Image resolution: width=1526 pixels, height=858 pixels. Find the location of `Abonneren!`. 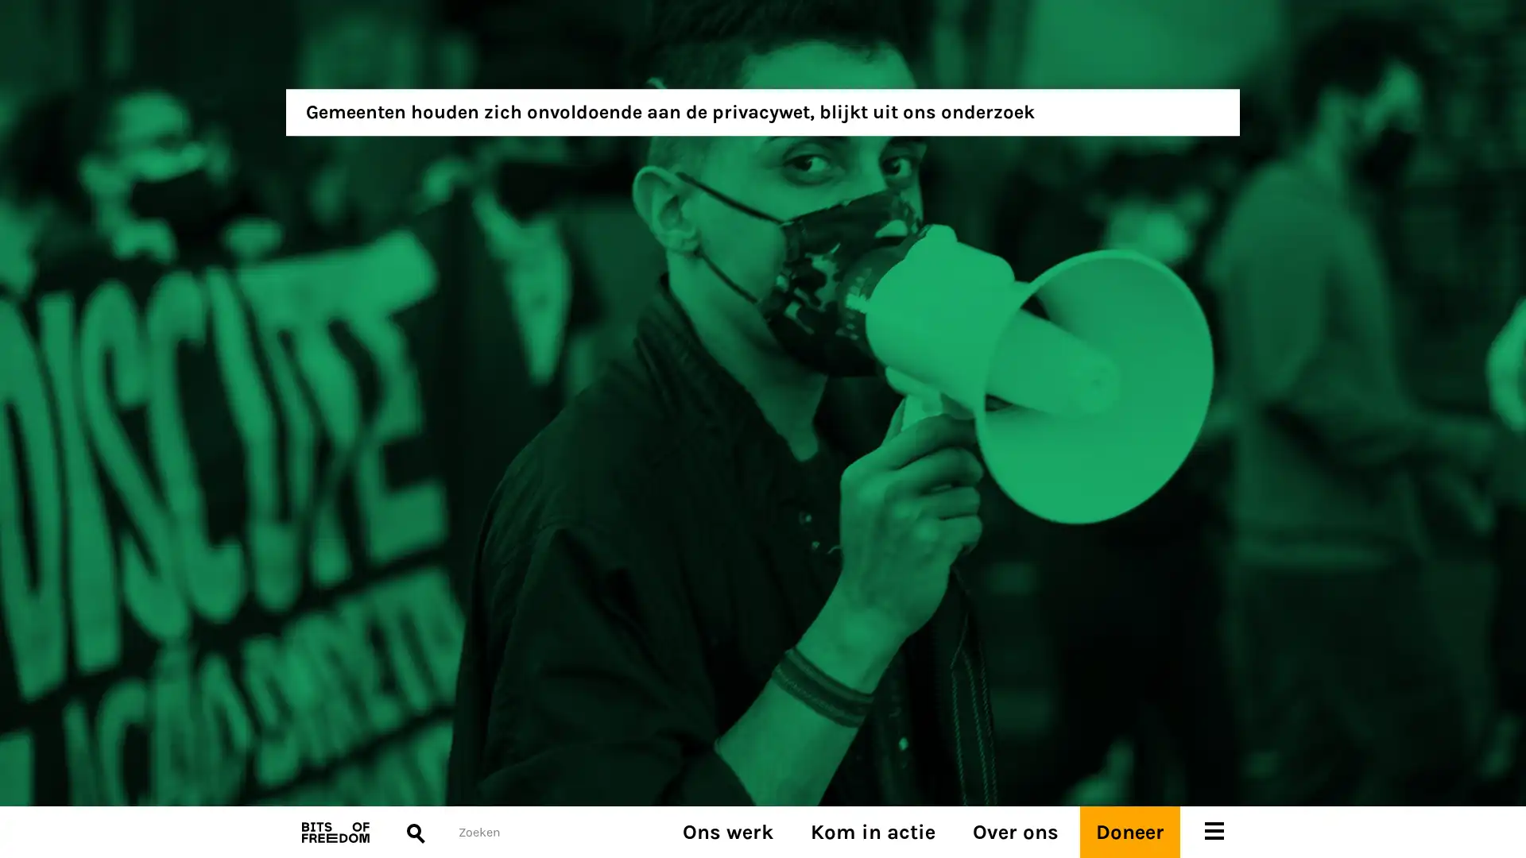

Abonneren! is located at coordinates (331, 471).